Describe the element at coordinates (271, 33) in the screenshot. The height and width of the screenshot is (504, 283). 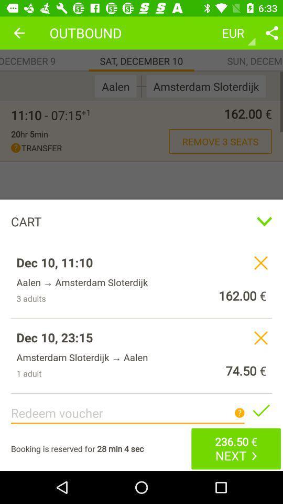
I see `share option` at that location.